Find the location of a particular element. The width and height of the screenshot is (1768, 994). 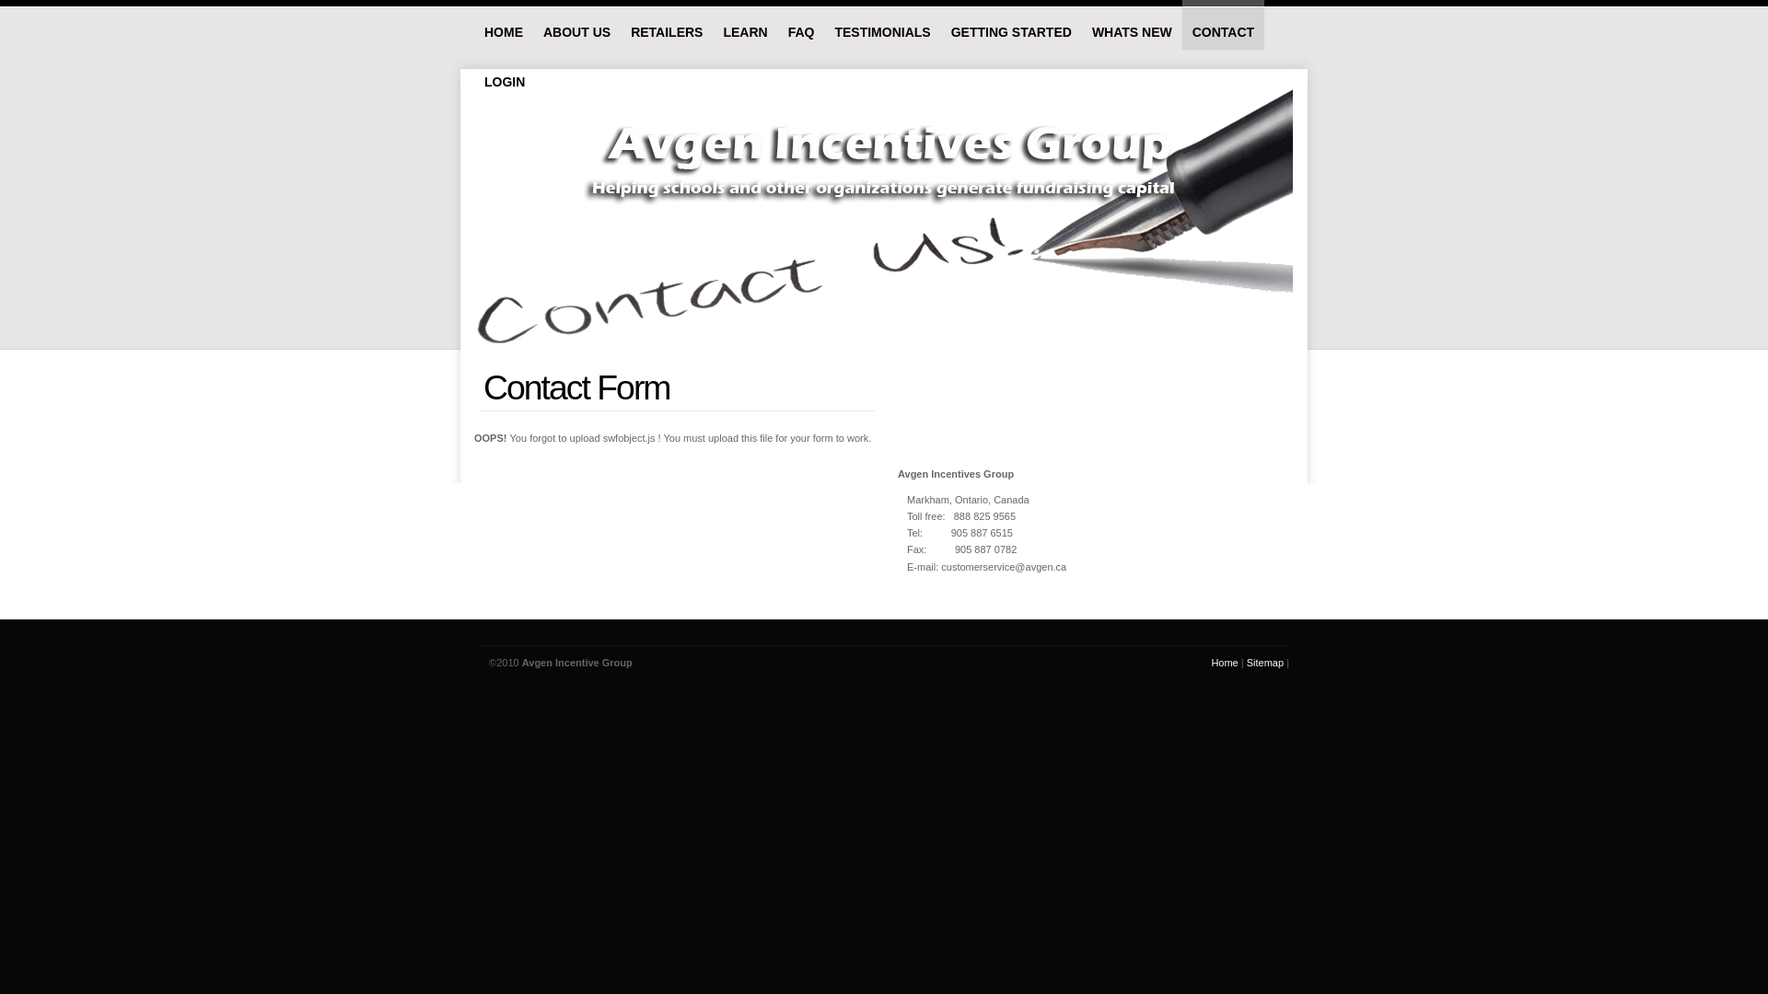

'GETTING STARTED' is located at coordinates (1010, 24).